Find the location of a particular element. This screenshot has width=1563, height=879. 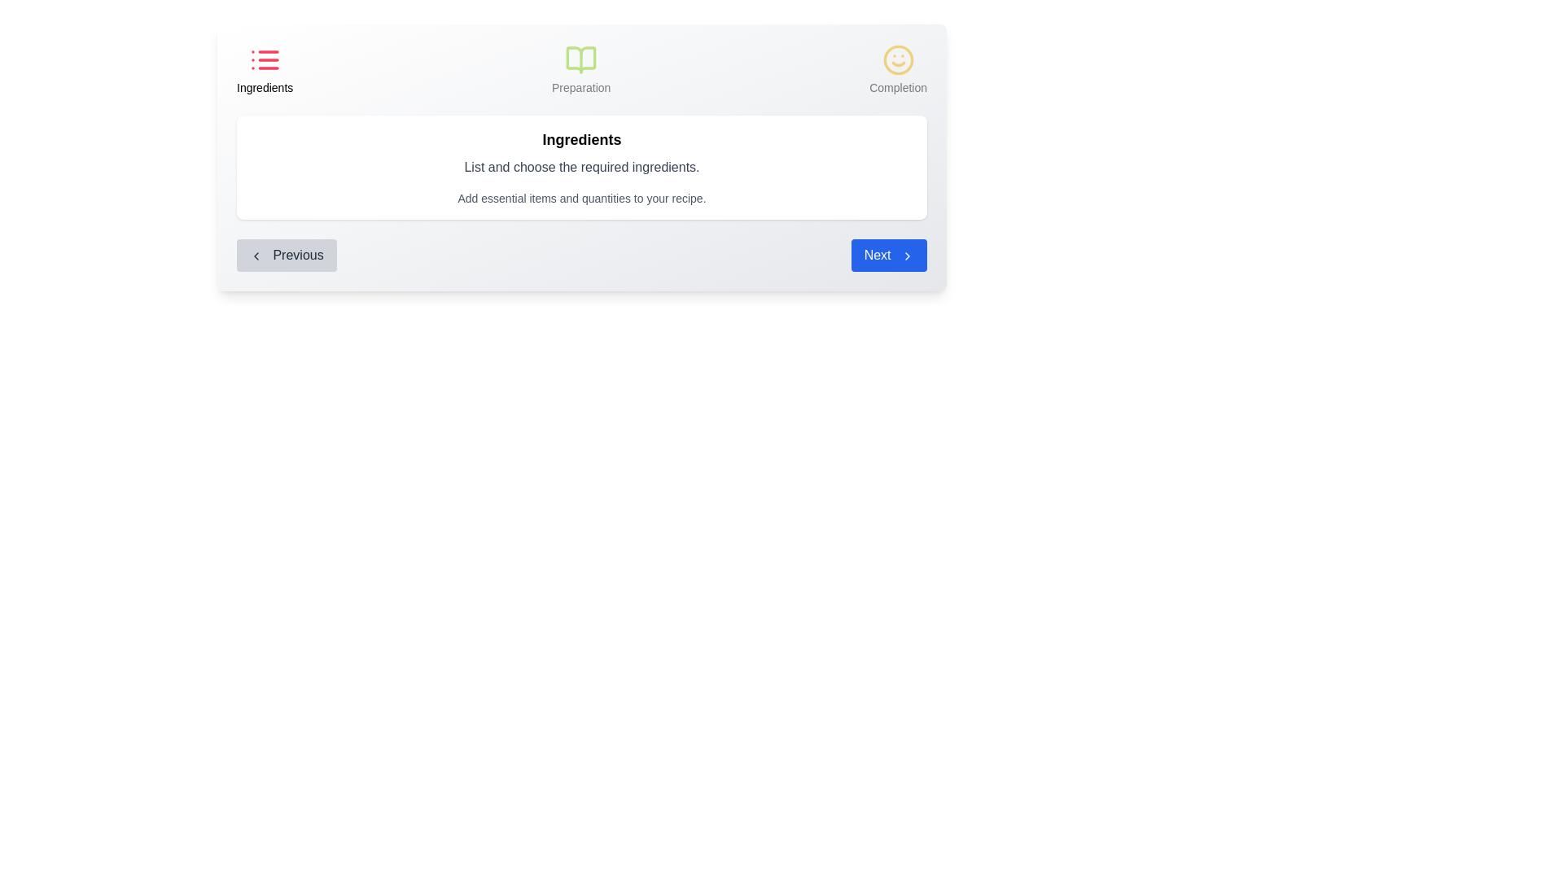

the navigation bar located at the top of the page to trigger highlight effects on the labeled steps: 'Ingredients', 'Preparation', and 'Completion' is located at coordinates (582, 68).